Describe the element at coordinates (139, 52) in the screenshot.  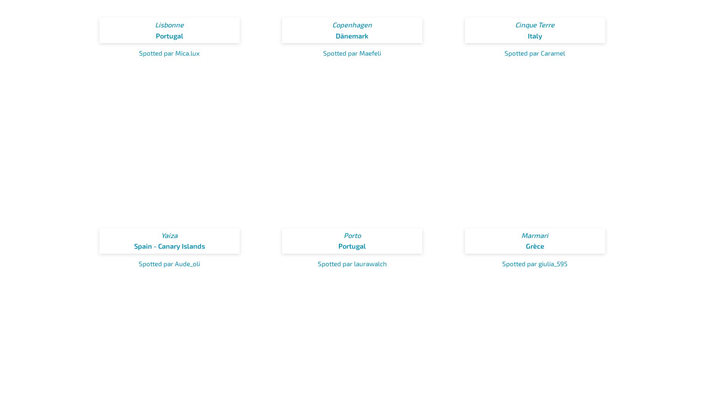
I see `'Spotted par Mica.lux'` at that location.